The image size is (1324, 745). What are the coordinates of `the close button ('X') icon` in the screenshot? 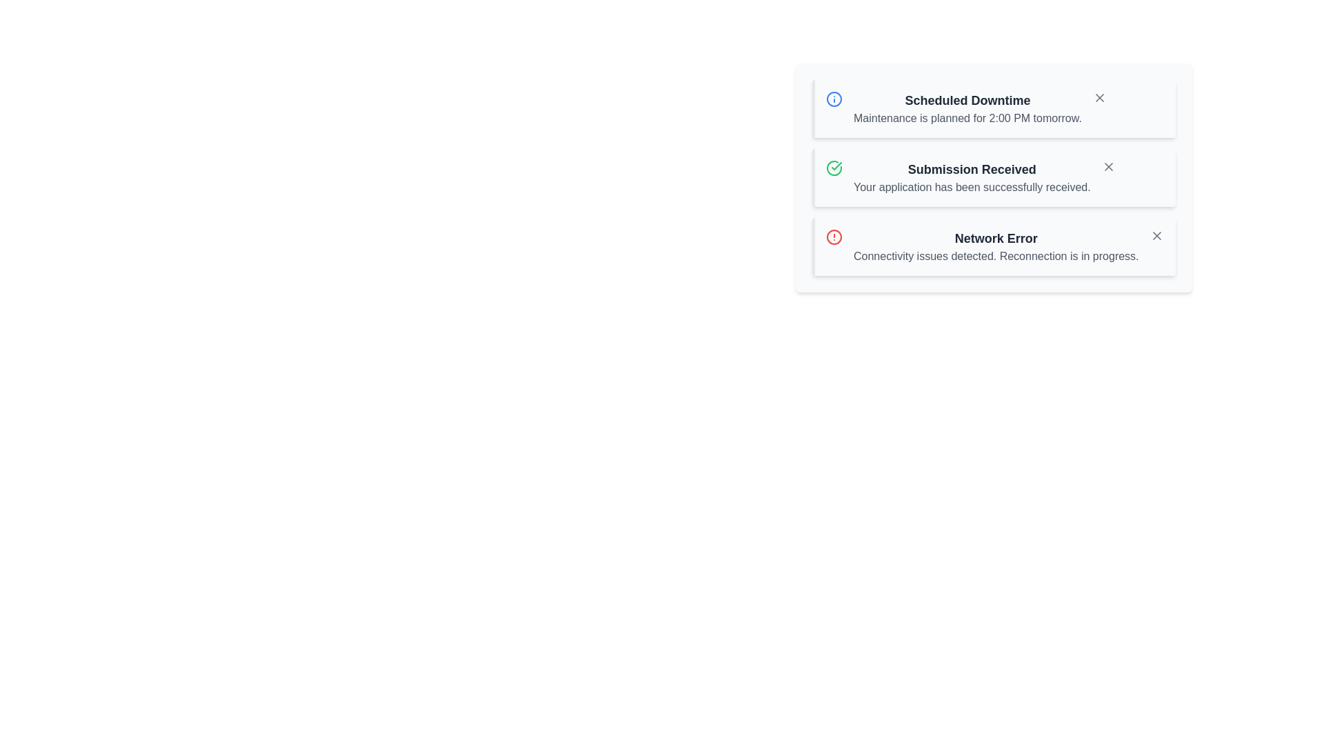 It's located at (1108, 166).